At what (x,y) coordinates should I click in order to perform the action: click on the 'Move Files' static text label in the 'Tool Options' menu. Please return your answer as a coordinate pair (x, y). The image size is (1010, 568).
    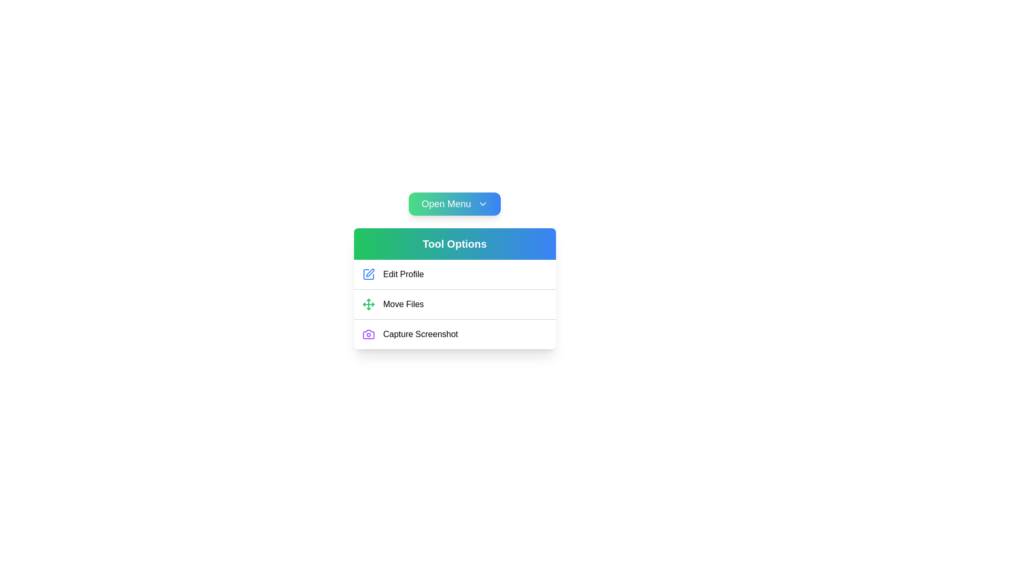
    Looking at the image, I should click on (403, 304).